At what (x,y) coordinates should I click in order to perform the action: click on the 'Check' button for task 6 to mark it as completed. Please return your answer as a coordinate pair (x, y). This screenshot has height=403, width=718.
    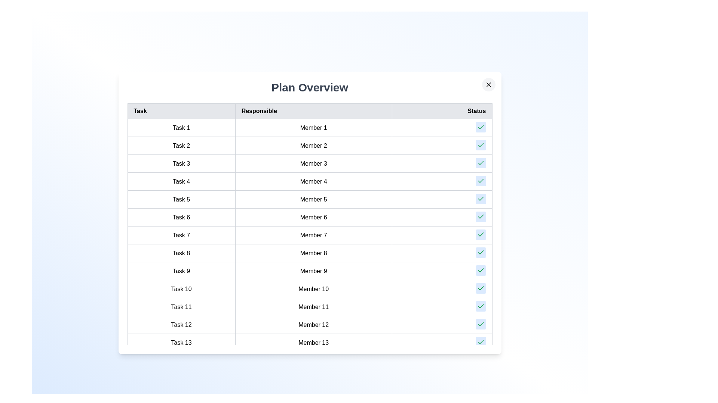
    Looking at the image, I should click on (481, 217).